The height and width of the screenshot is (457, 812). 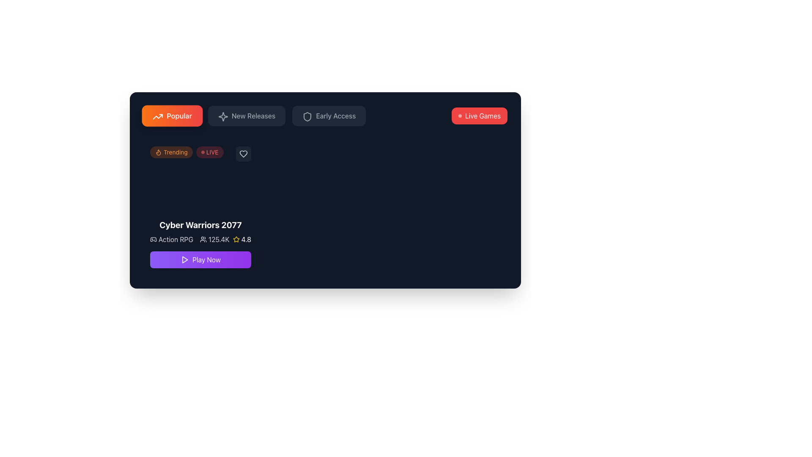 I want to click on the 'Play Now' button with a gradient background transitioning from violet to purple, located beneath 'Cyber Warriors 2077', to initiate the play action, so click(x=200, y=259).